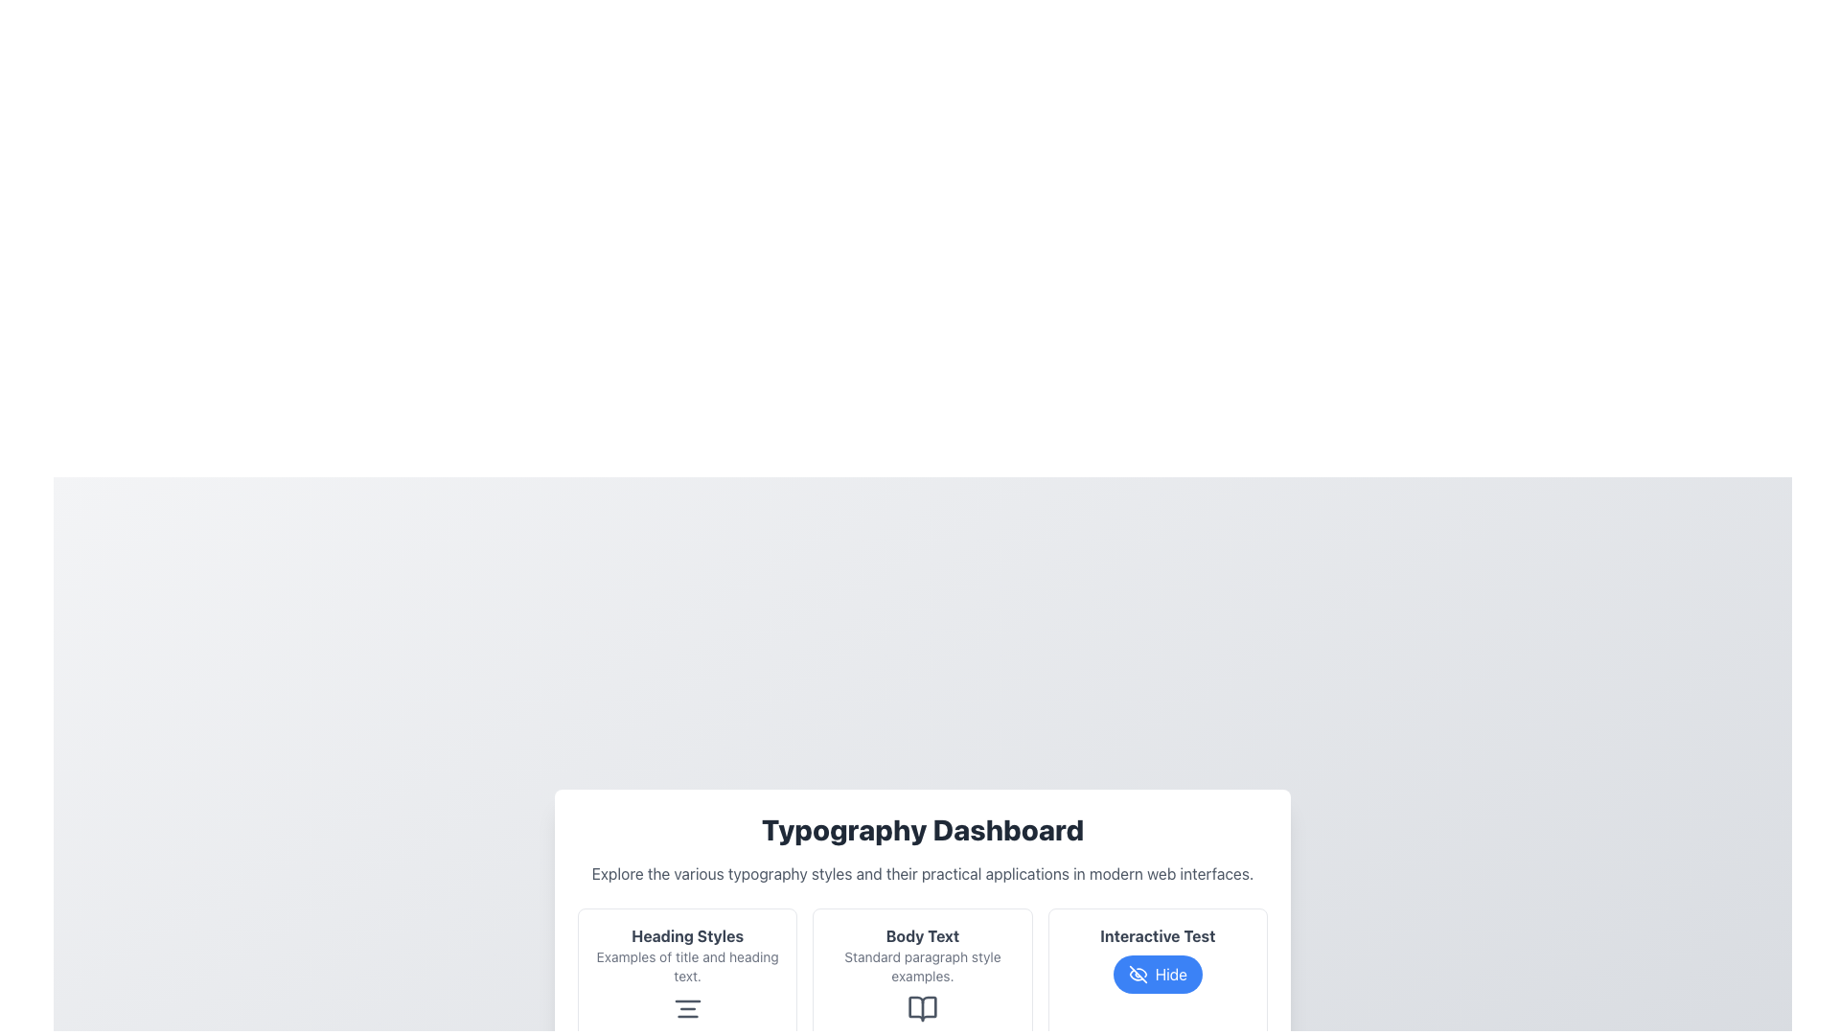  What do you see at coordinates (1138, 975) in the screenshot?
I see `the eye icon with a slash through it, located inside the 'Interactive Test' button on the lower panel` at bounding box center [1138, 975].